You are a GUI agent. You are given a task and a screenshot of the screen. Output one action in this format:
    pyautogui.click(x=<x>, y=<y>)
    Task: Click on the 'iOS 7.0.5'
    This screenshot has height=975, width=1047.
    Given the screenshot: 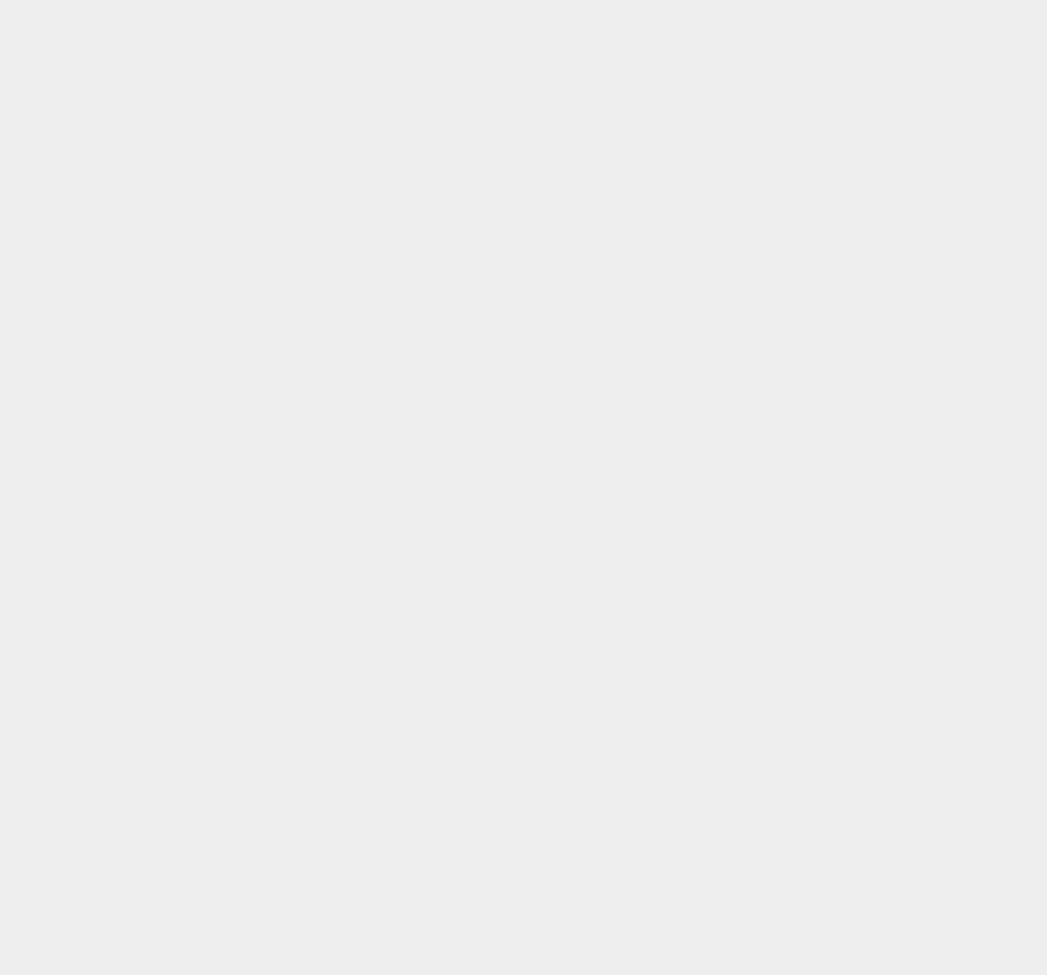 What is the action you would take?
    pyautogui.click(x=739, y=604)
    